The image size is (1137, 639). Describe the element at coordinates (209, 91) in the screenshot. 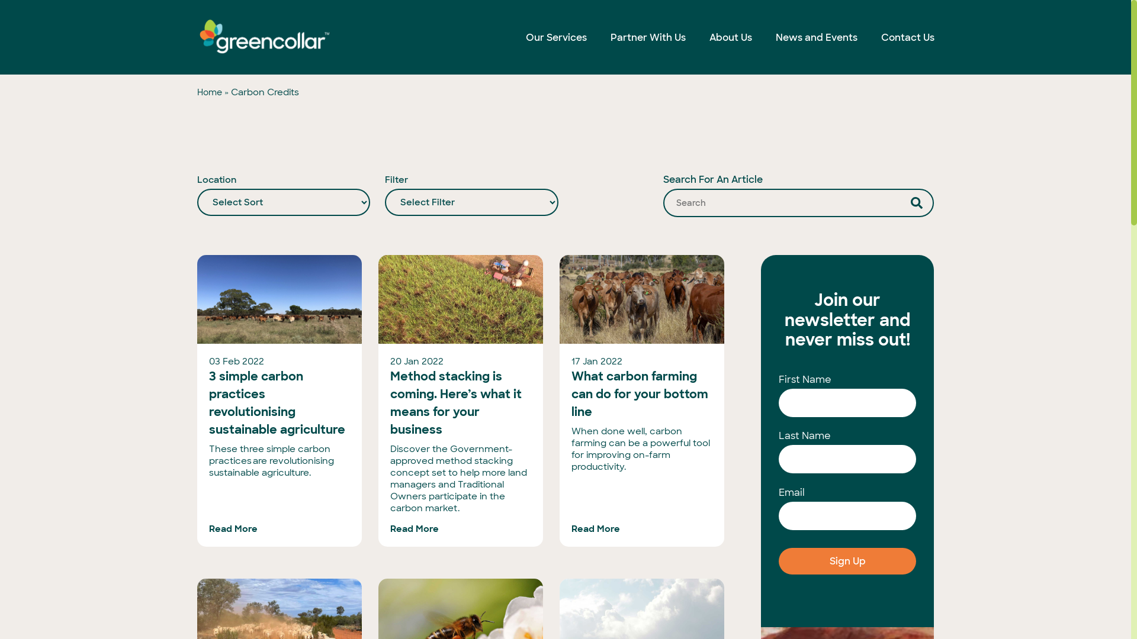

I see `'Home'` at that location.